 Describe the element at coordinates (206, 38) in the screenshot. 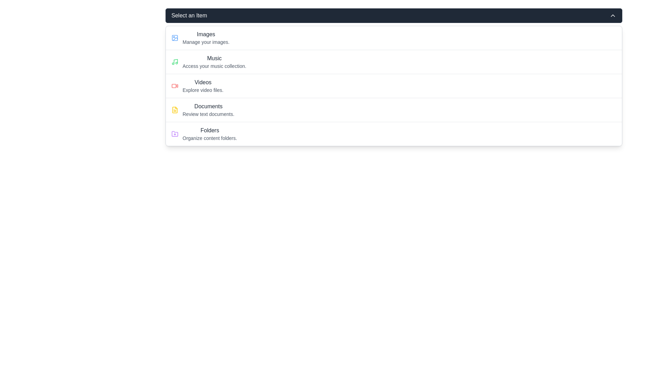

I see `the 'Images' menu item, which is the first item in the vertical list beneath the header 'Select an Item'` at that location.